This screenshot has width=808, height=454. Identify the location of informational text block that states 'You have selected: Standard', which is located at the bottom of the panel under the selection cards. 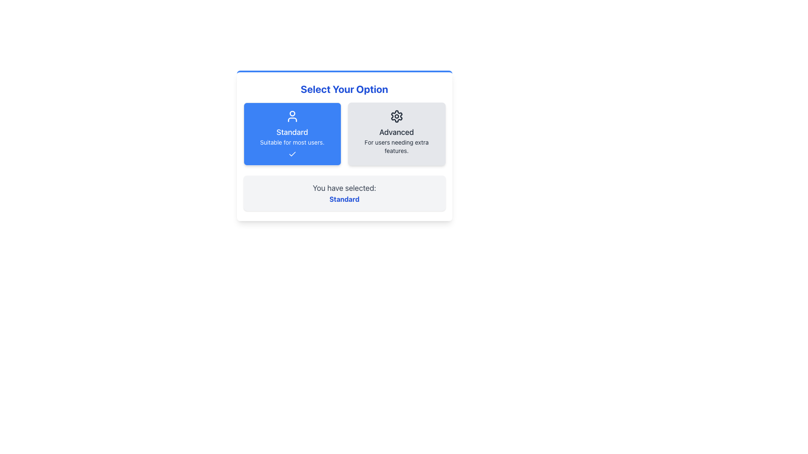
(344, 193).